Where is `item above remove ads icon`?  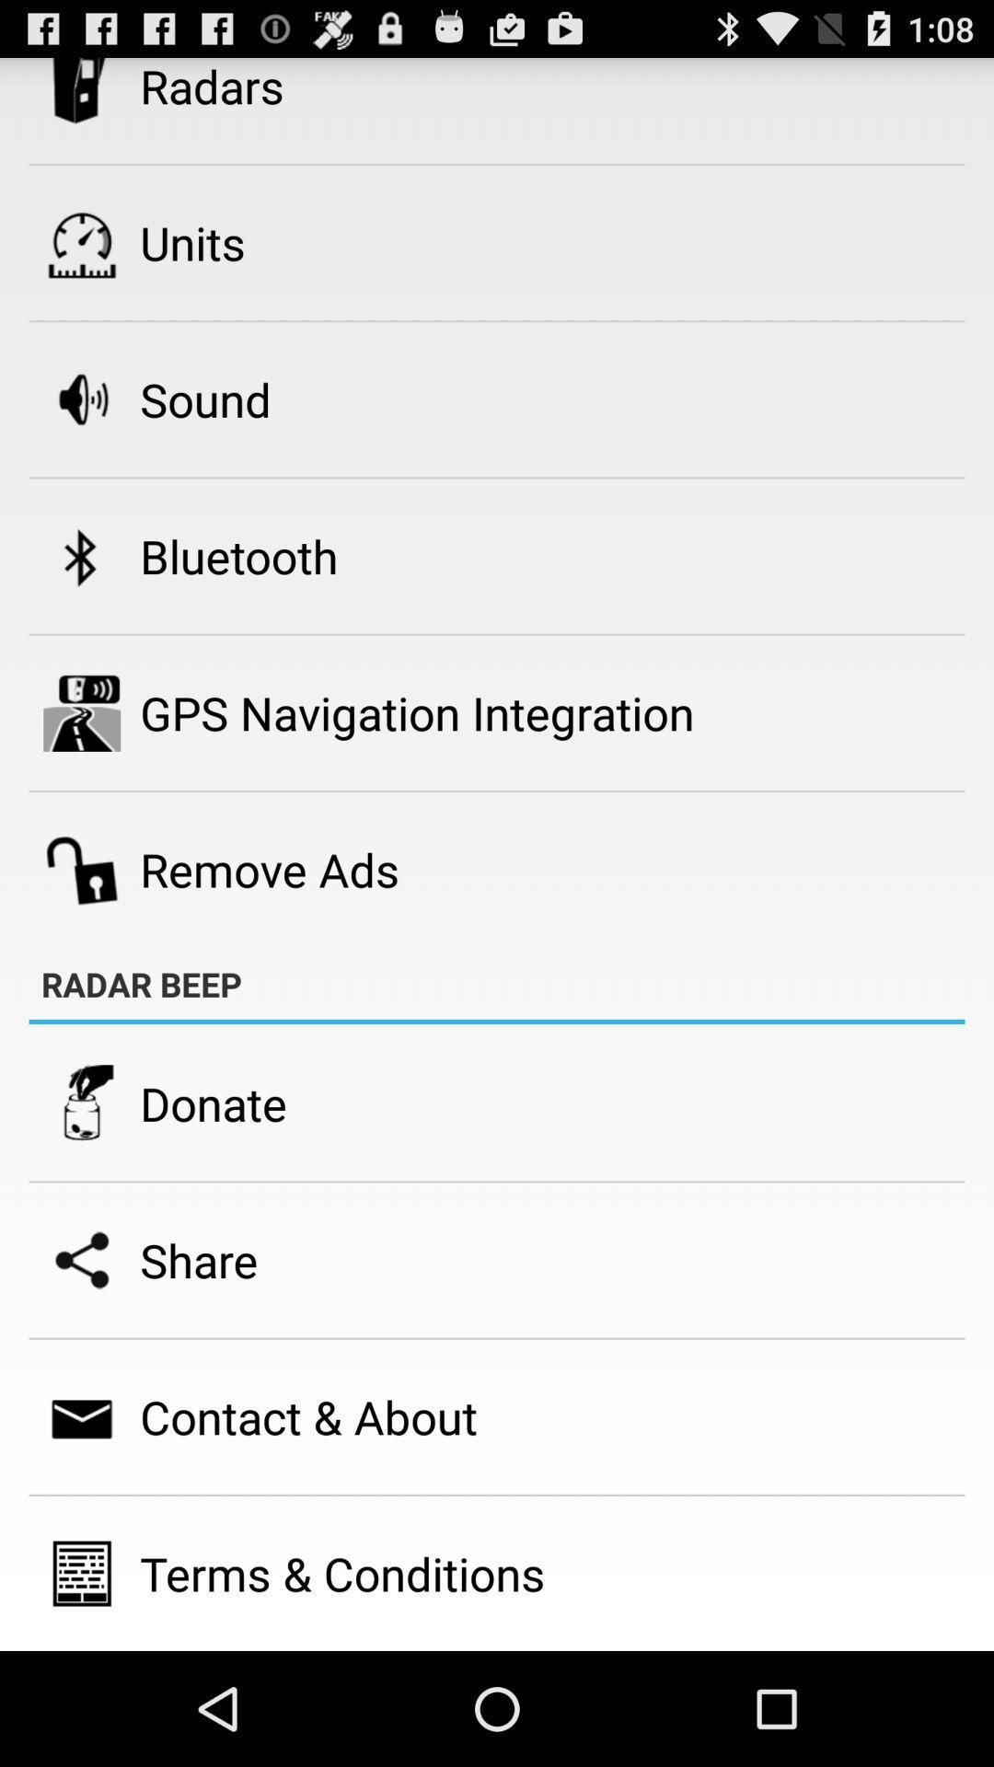 item above remove ads icon is located at coordinates (417, 711).